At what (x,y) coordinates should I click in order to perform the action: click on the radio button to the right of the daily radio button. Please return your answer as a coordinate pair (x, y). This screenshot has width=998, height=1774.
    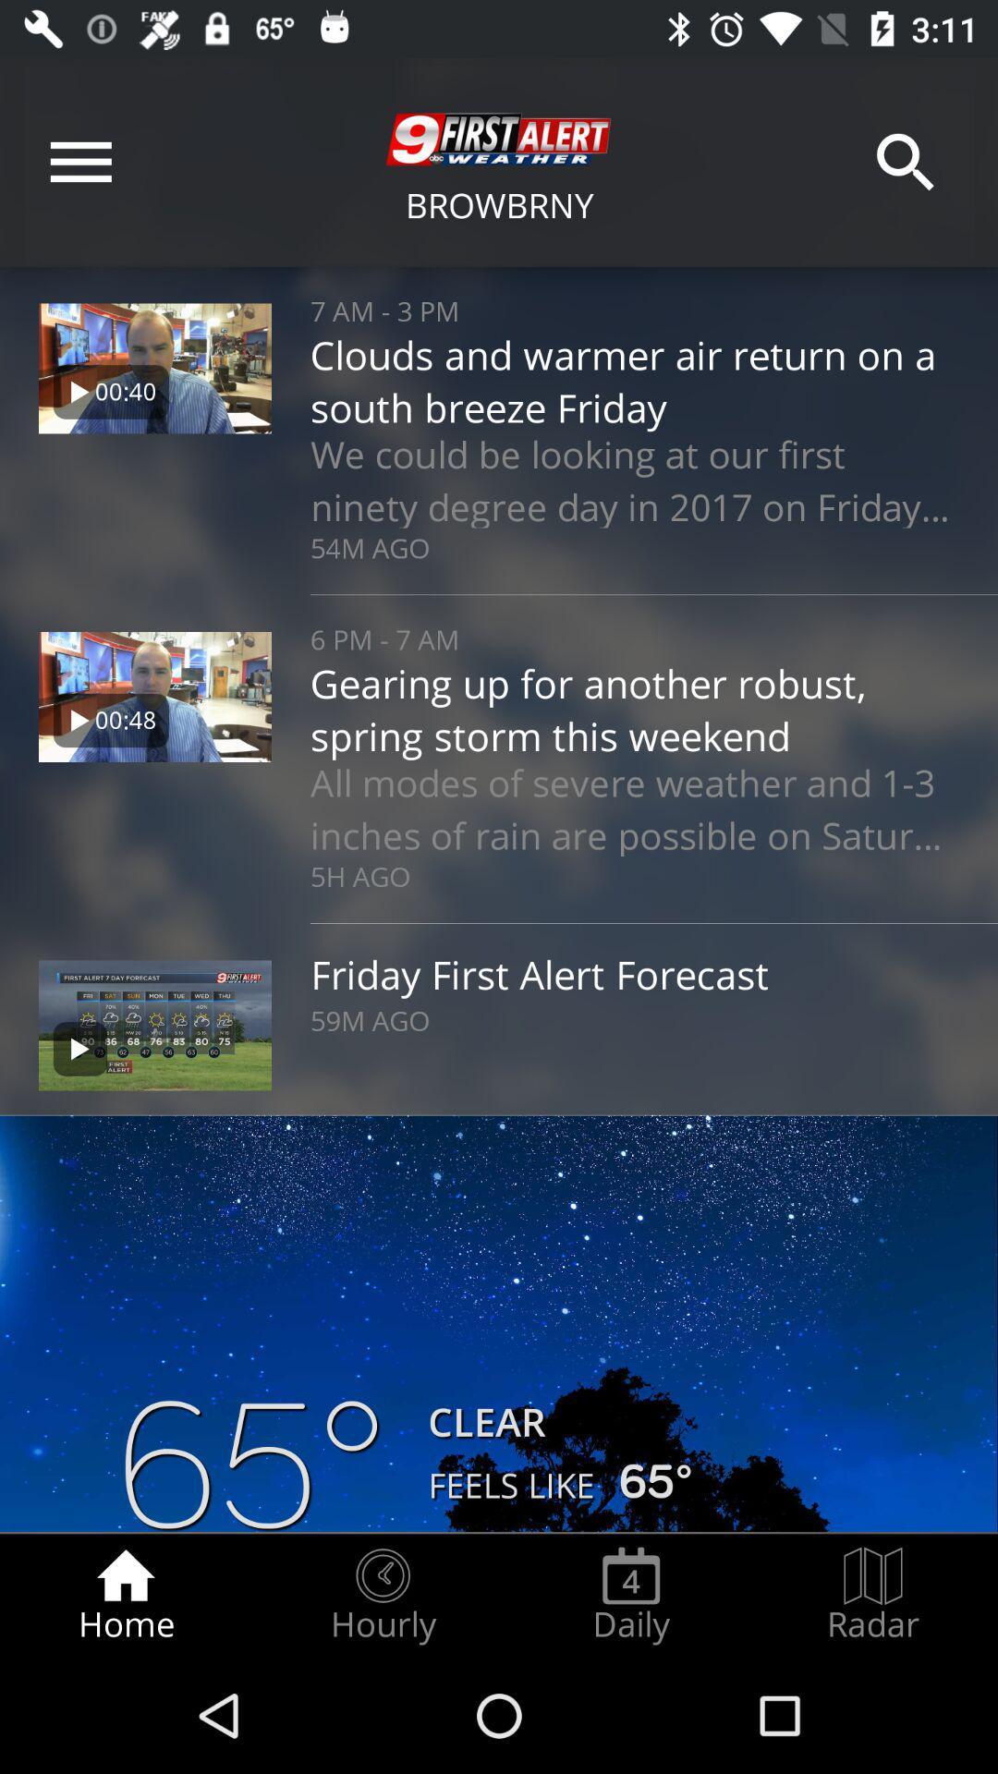
    Looking at the image, I should click on (873, 1595).